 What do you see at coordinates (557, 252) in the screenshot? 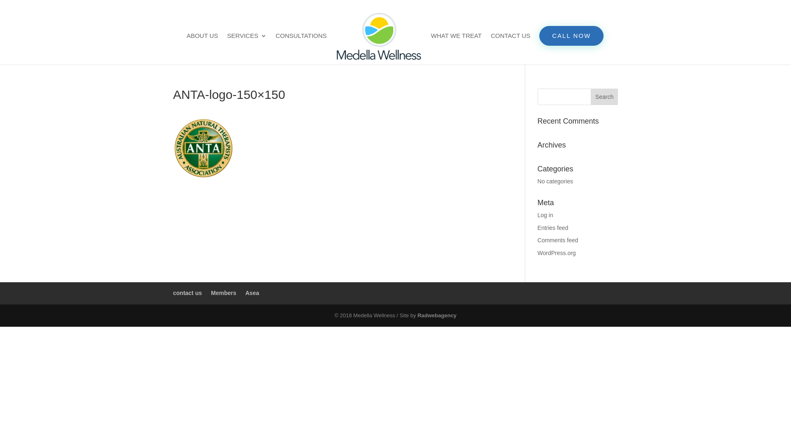
I see `'WordPress.org'` at bounding box center [557, 252].